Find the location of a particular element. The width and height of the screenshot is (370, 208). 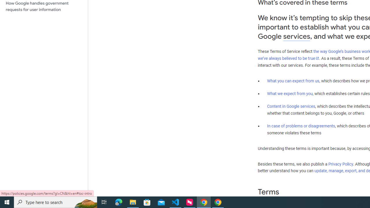

'Content in Google services' is located at coordinates (291, 106).